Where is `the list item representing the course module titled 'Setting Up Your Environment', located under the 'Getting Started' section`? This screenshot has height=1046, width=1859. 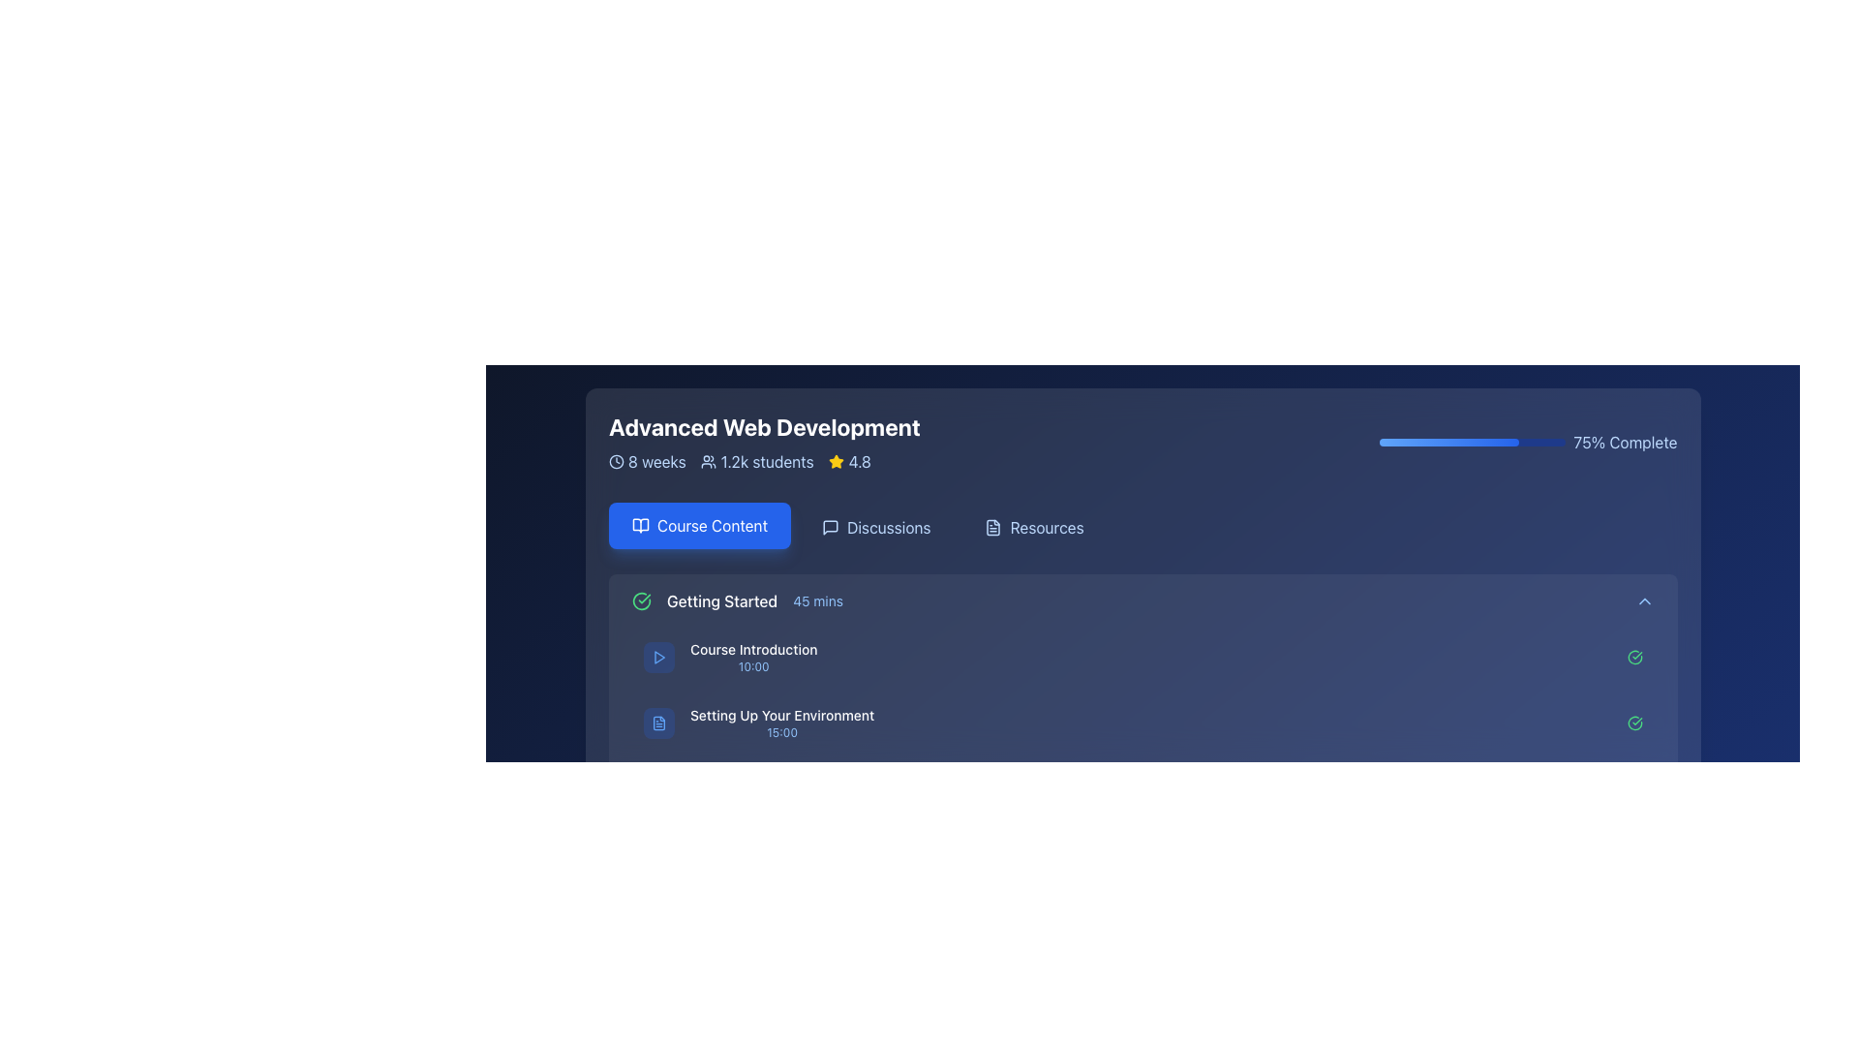
the list item representing the course module titled 'Setting Up Your Environment', located under the 'Getting Started' section is located at coordinates (757, 723).